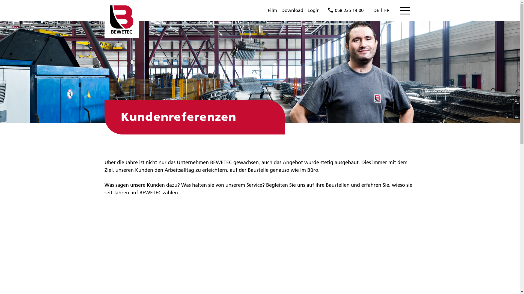  I want to click on '058 235 14 00', so click(346, 10).